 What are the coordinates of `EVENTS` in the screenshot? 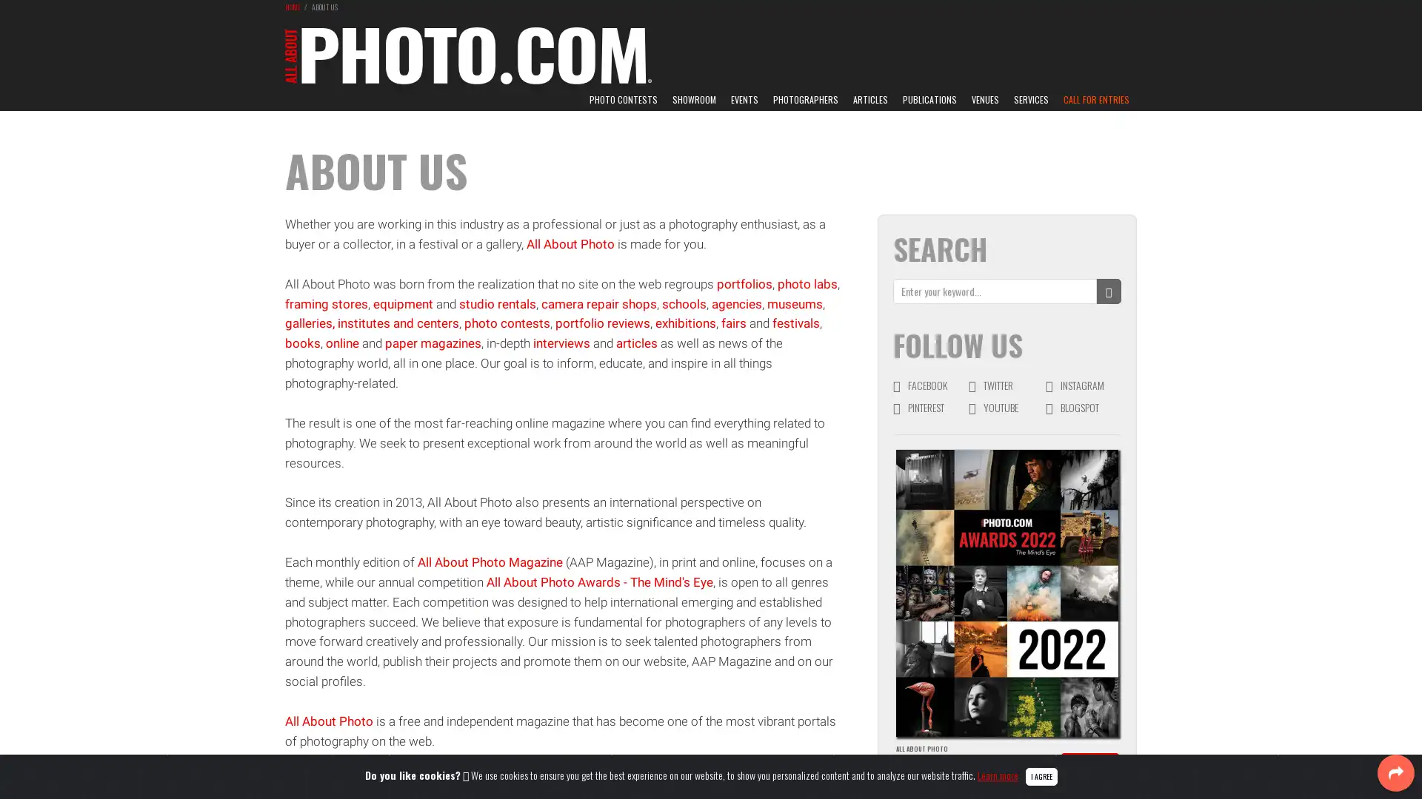 It's located at (744, 100).